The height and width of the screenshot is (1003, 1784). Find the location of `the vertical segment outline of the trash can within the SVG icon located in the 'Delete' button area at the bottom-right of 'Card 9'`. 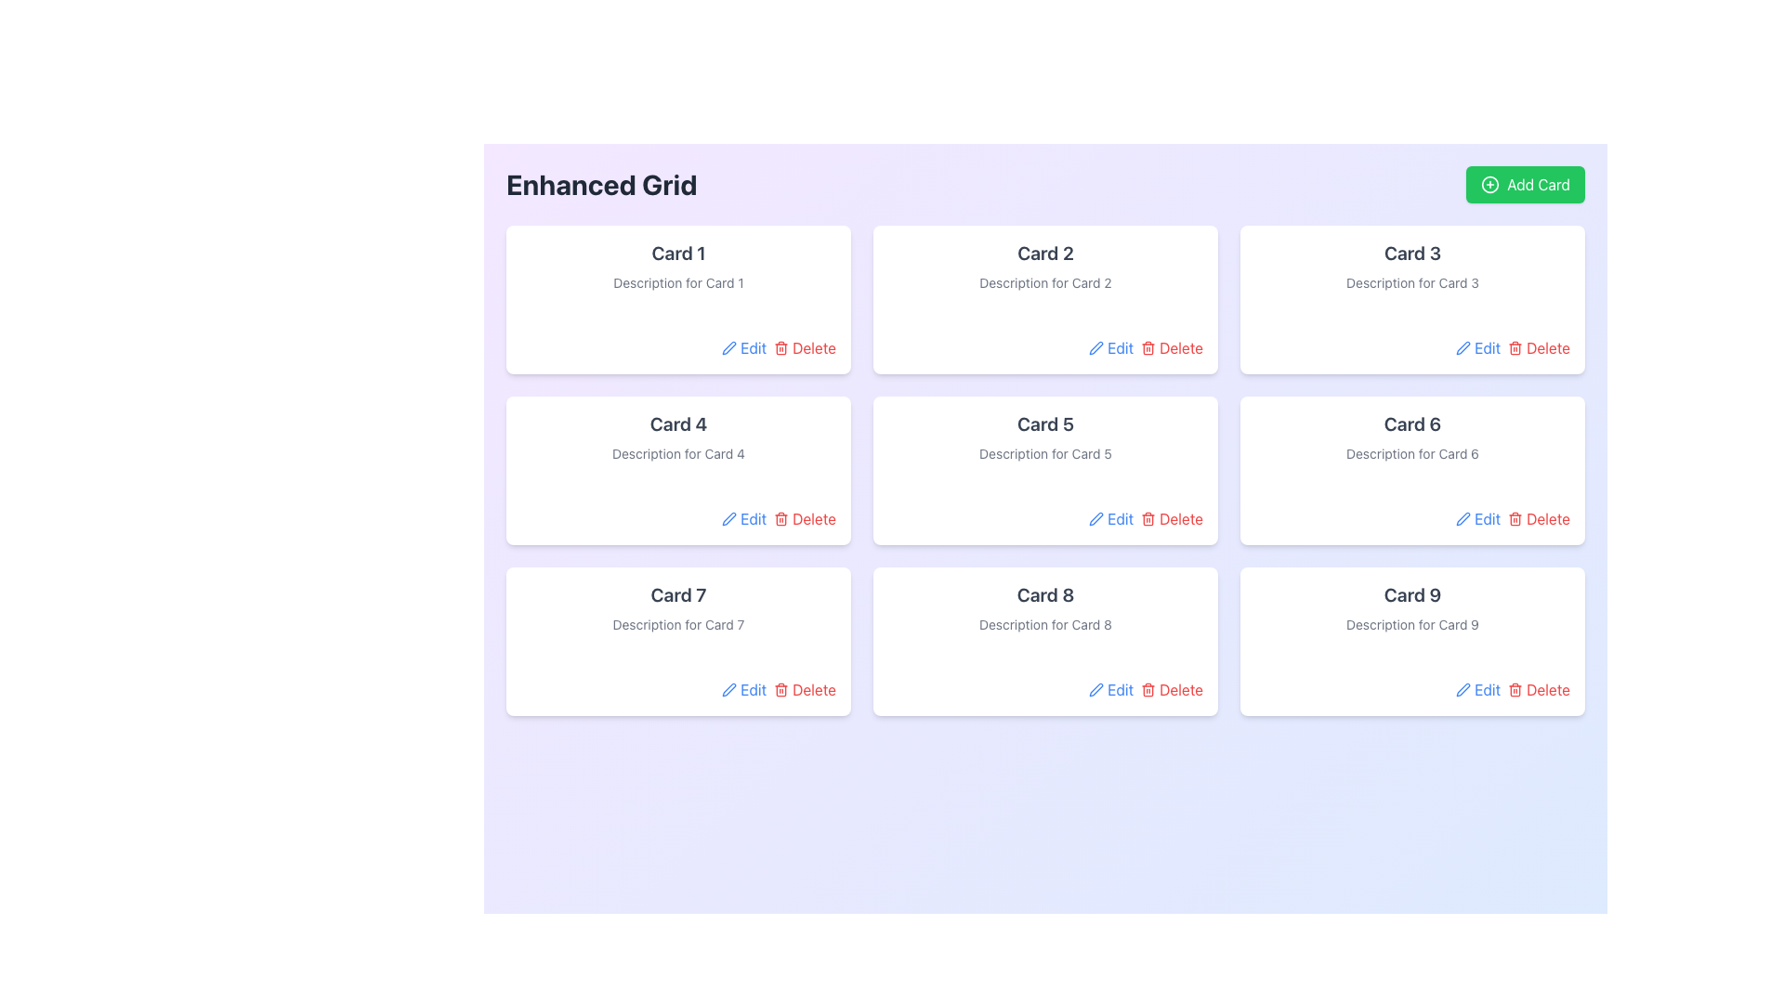

the vertical segment outline of the trash can within the SVG icon located in the 'Delete' button area at the bottom-right of 'Card 9' is located at coordinates (1515, 691).